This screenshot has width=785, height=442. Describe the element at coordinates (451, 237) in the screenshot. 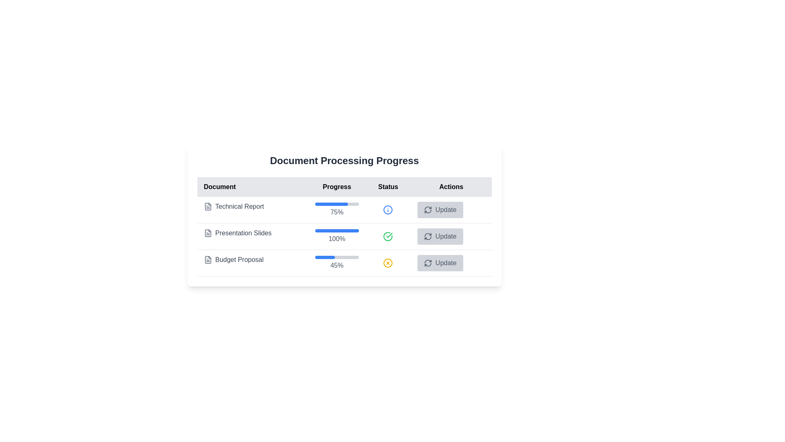

I see `the 'Update' button with a light gray background and rounded corners in the Actions column of the third row corresponding to 'Presentation Slides'` at that location.